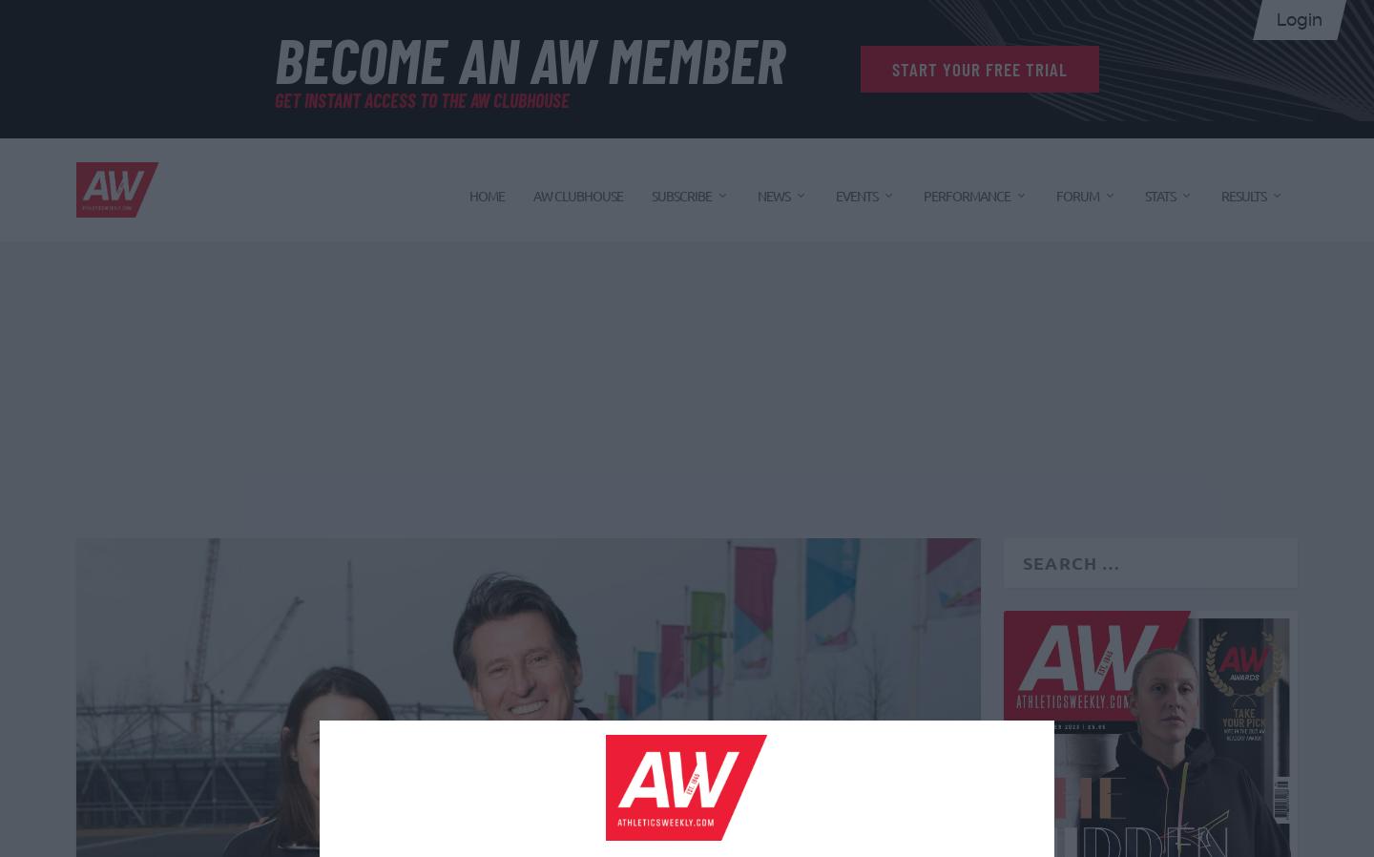 The width and height of the screenshot is (1374, 857). Describe the element at coordinates (766, 702) in the screenshot. I see `'Podcasts'` at that location.